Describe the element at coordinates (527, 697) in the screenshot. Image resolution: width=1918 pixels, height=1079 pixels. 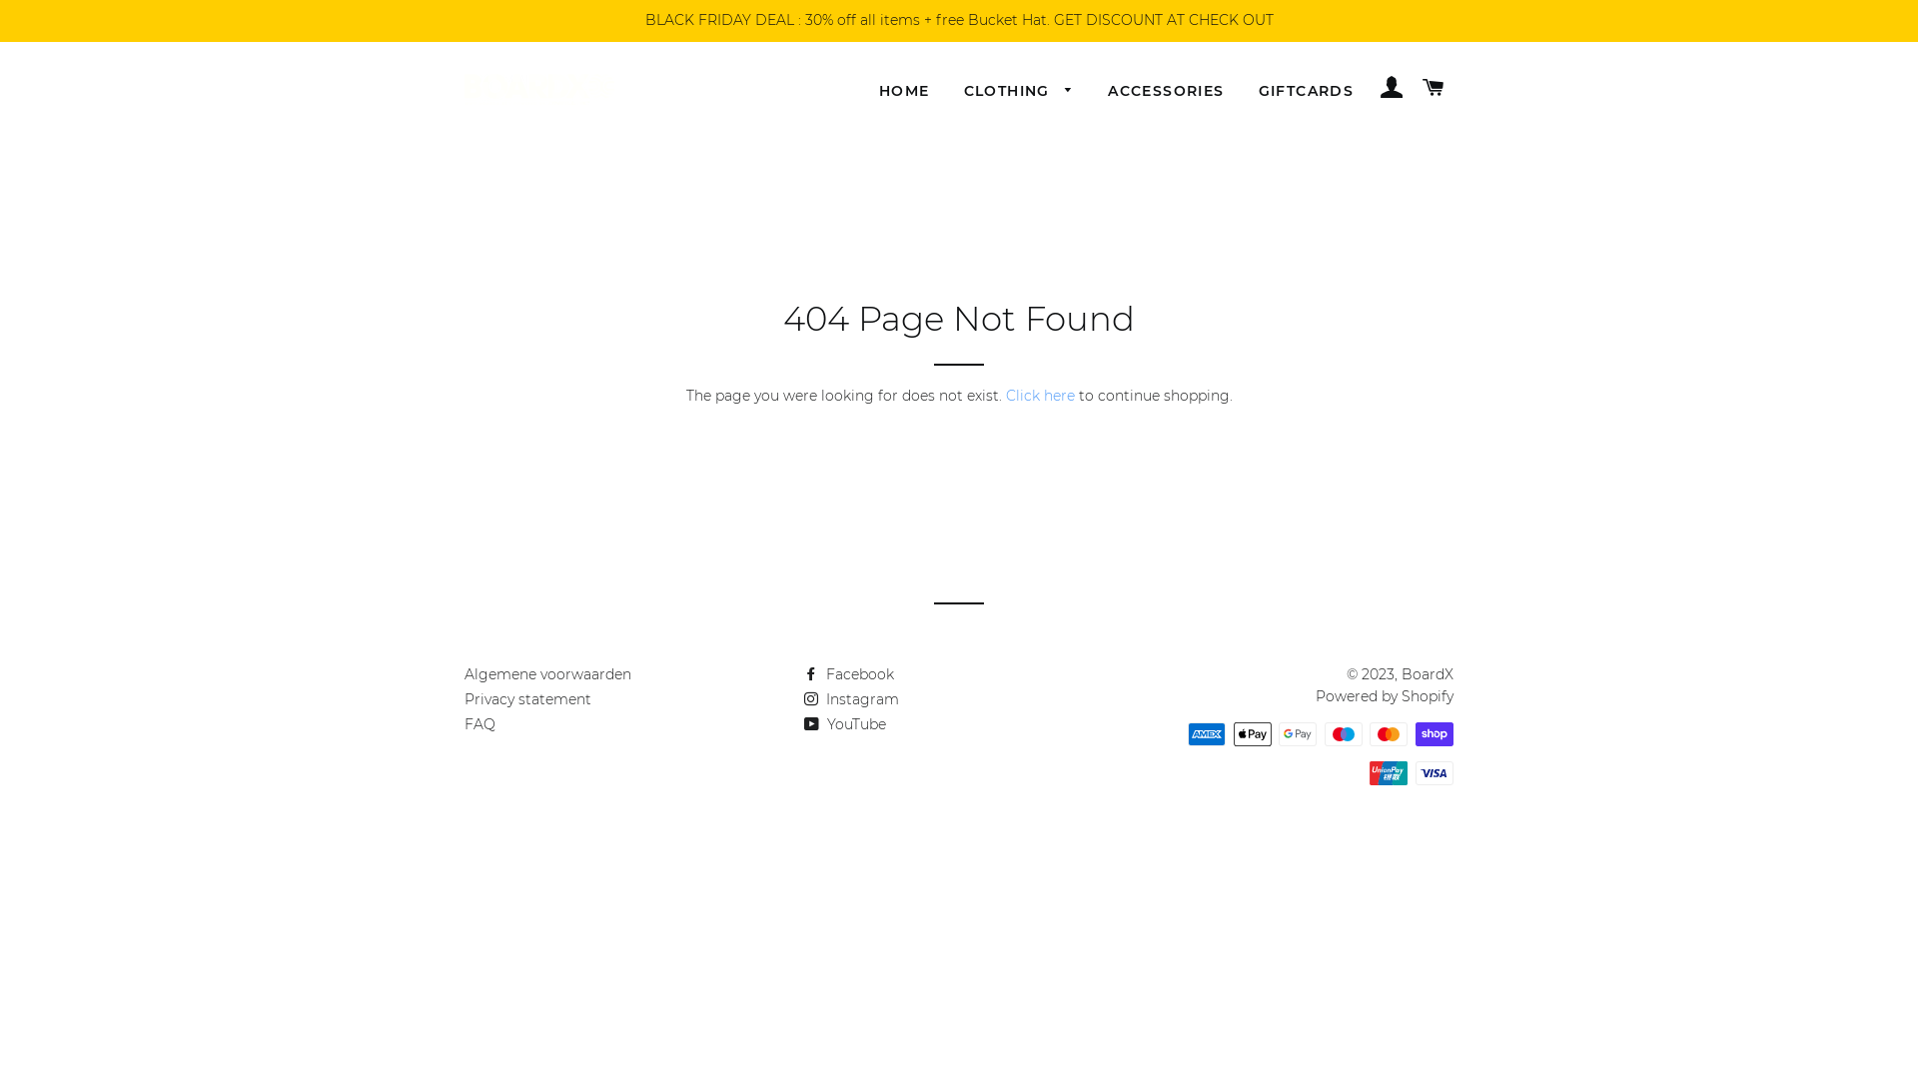
I see `'Privacy statement'` at that location.